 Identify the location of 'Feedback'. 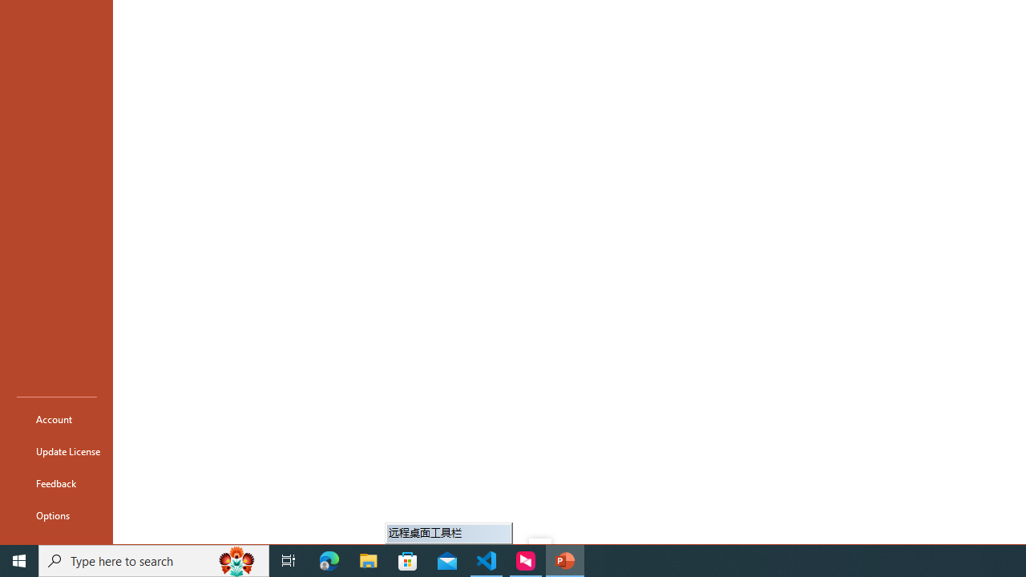
(57, 482).